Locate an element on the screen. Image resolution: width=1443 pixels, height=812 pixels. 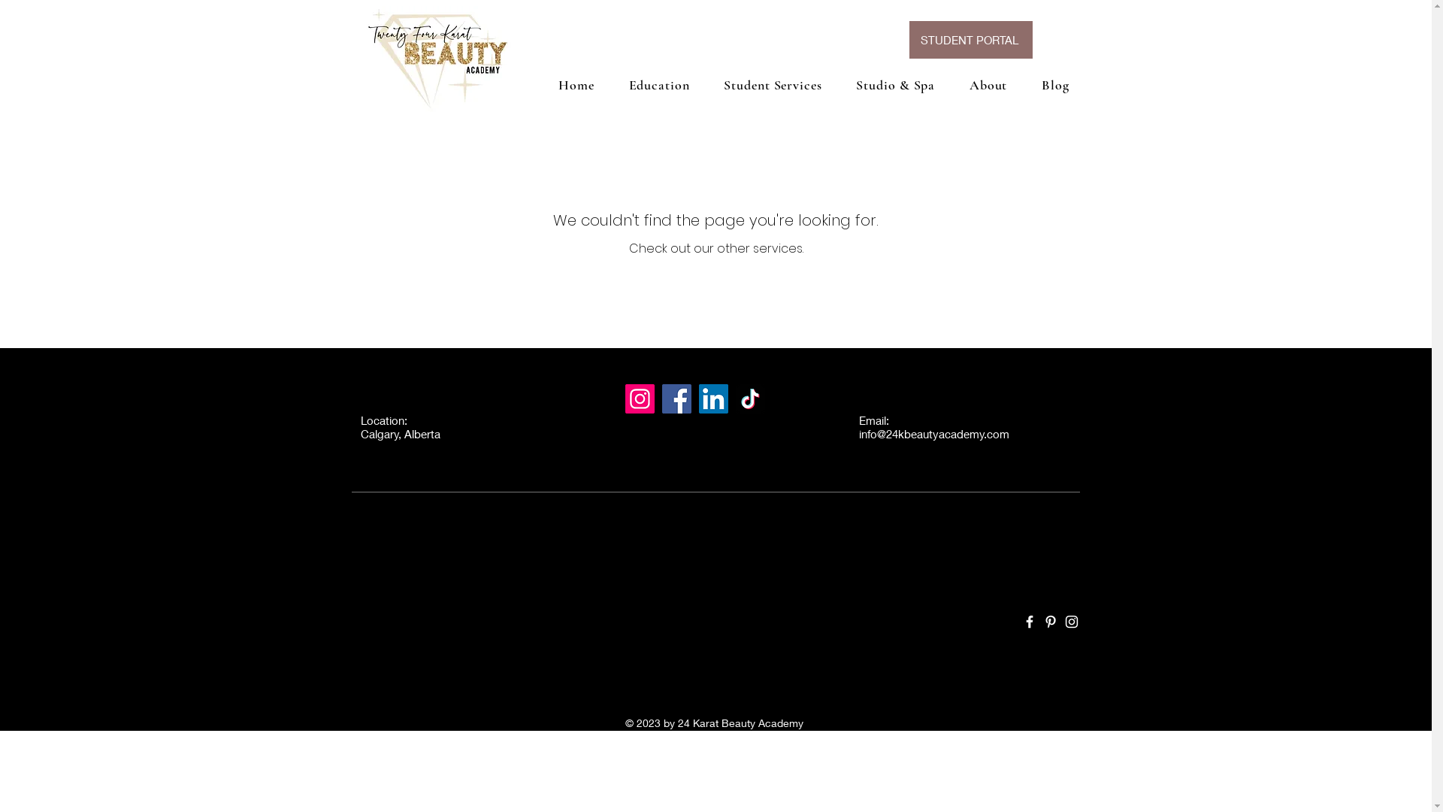
'Blog' is located at coordinates (1054, 84).